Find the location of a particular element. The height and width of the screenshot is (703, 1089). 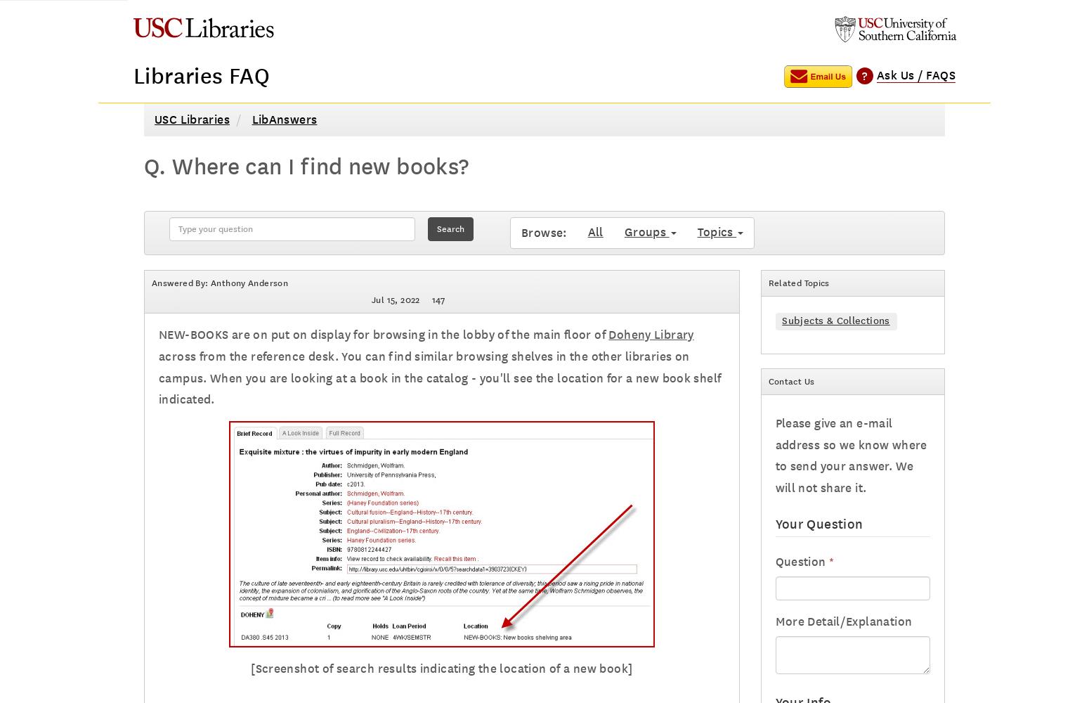

'All' is located at coordinates (594, 231).